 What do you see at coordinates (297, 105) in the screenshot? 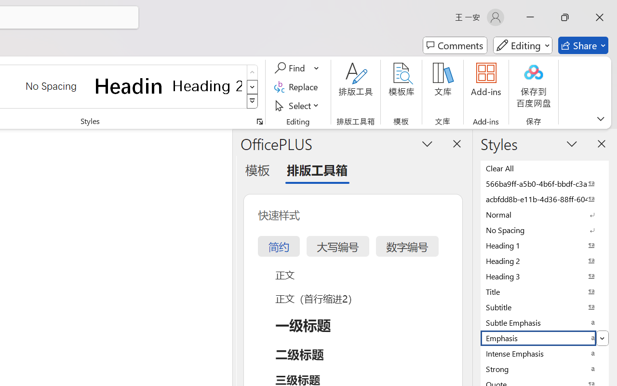
I see `'Select'` at bounding box center [297, 105].